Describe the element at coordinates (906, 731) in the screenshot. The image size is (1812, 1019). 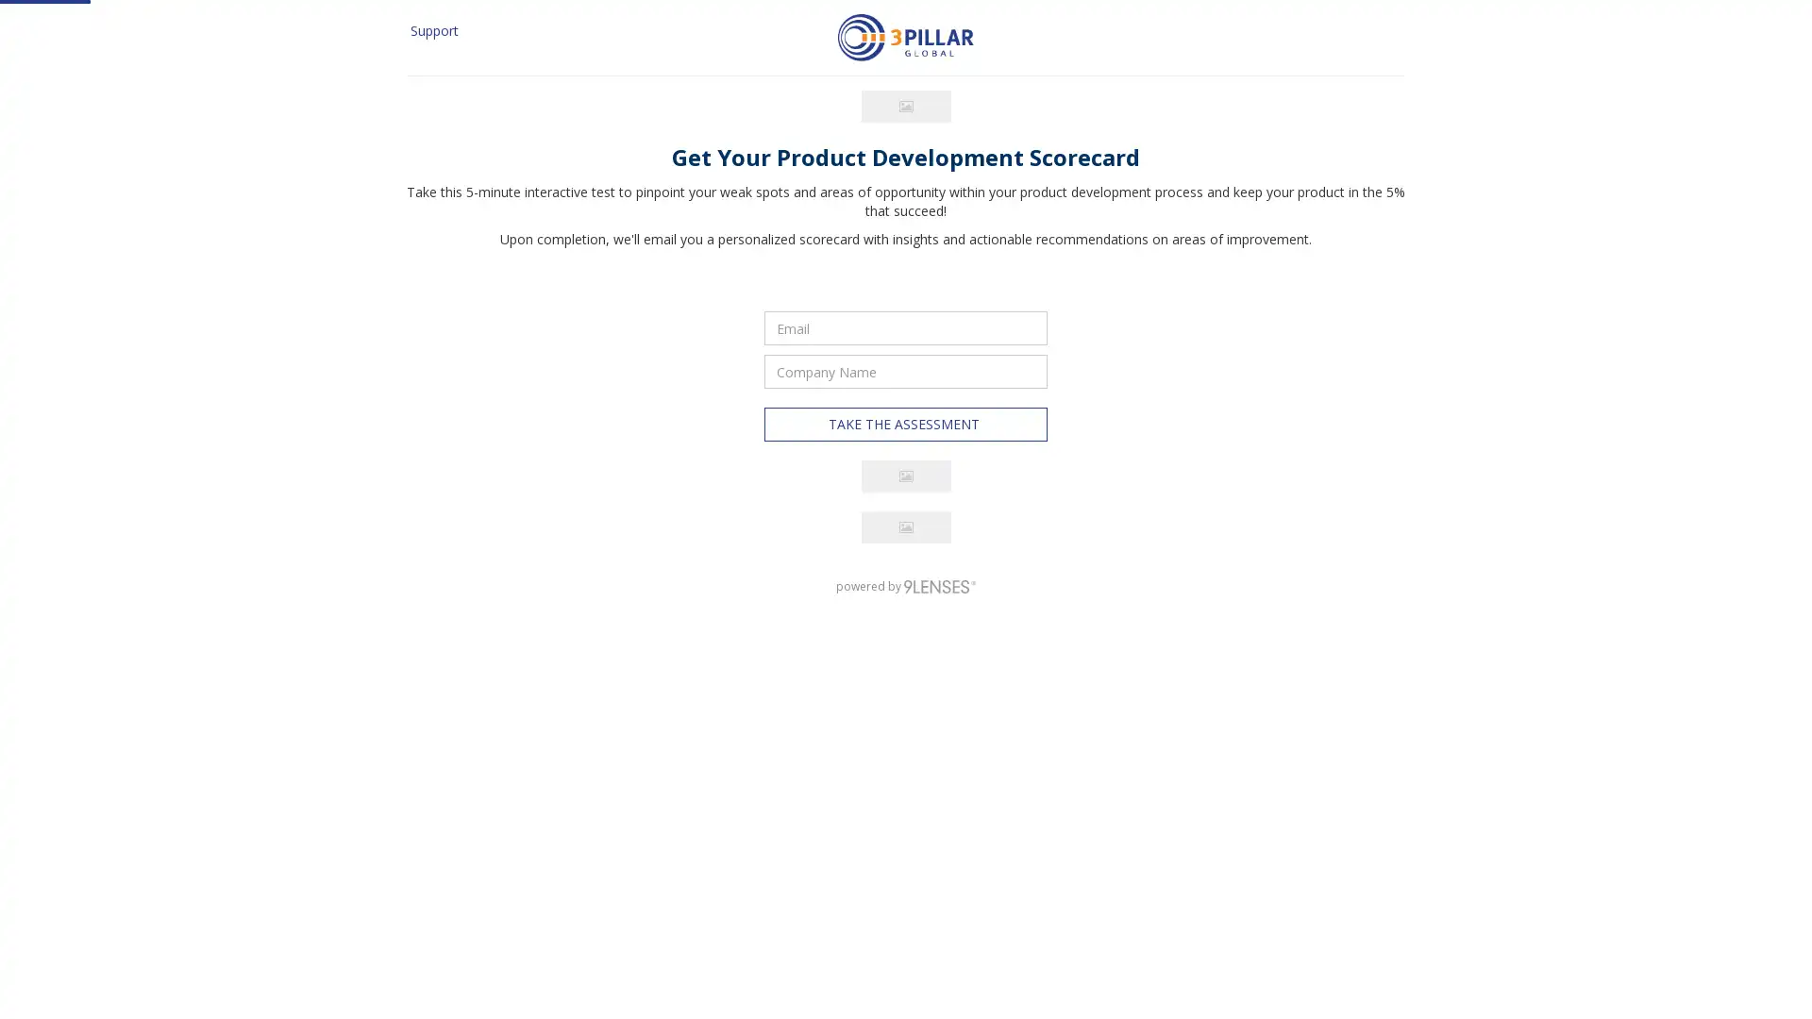
I see `TAKE THE ASSESSMENT` at that location.